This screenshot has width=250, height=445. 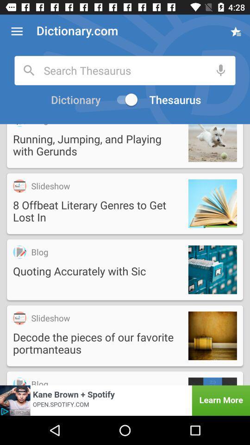 I want to click on thesaurus, so click(x=176, y=100).